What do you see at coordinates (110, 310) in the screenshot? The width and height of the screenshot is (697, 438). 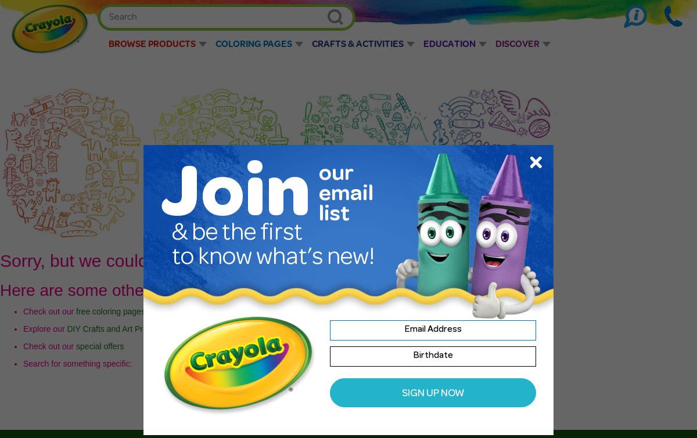 I see `'free coloring pages'` at bounding box center [110, 310].